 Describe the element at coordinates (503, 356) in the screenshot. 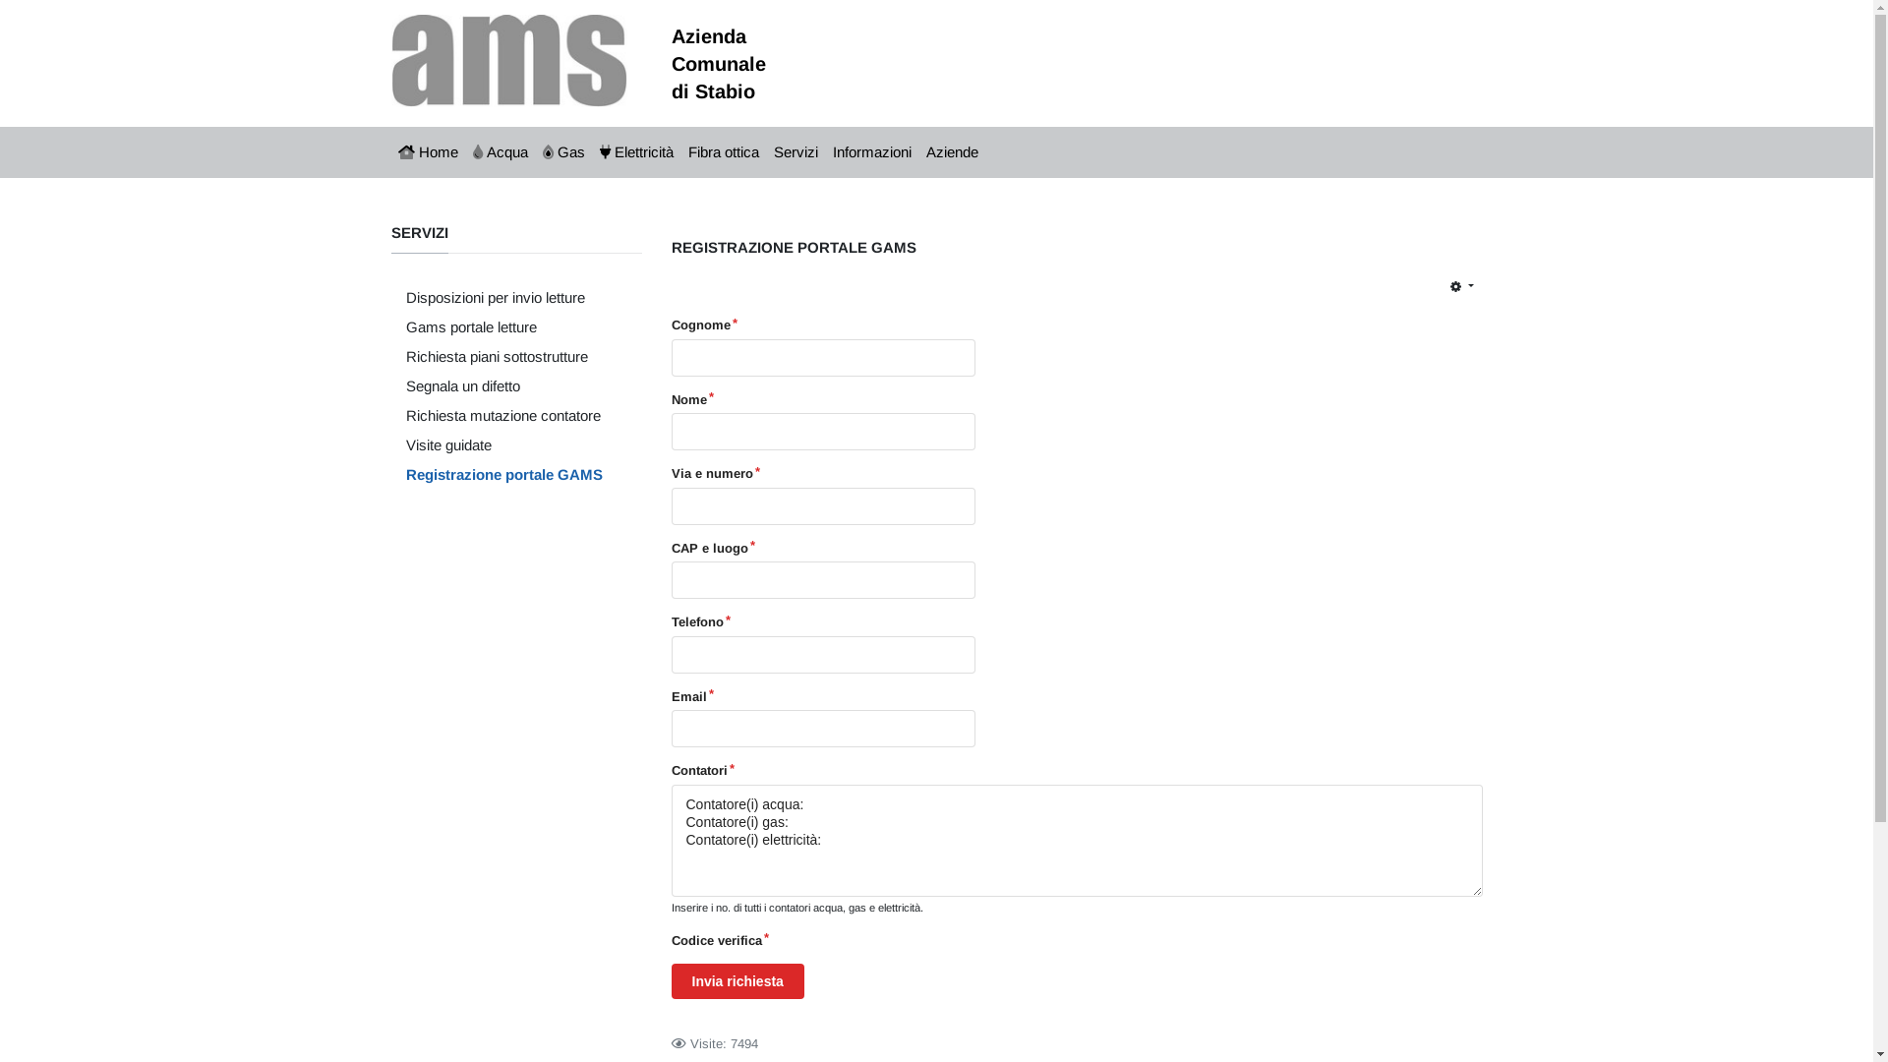

I see `'Richiesta piani sottostrutture'` at that location.